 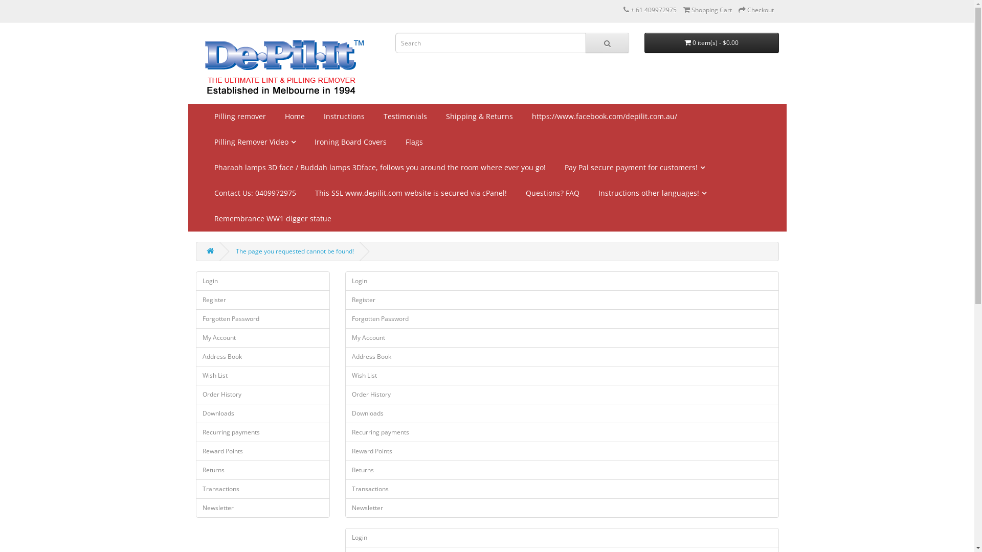 I want to click on 'Wish List', so click(x=262, y=376).